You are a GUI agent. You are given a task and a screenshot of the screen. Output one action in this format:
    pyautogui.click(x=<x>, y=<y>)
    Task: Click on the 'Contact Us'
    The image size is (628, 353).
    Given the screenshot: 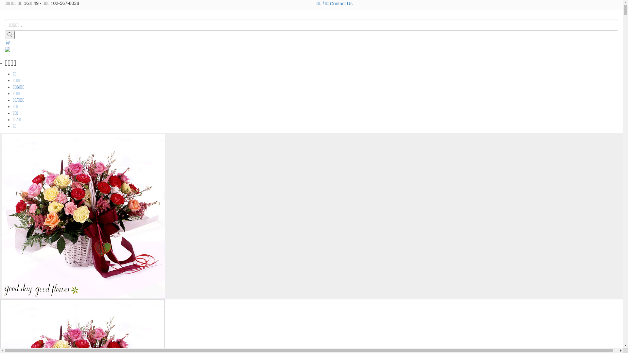 What is the action you would take?
    pyautogui.click(x=341, y=4)
    